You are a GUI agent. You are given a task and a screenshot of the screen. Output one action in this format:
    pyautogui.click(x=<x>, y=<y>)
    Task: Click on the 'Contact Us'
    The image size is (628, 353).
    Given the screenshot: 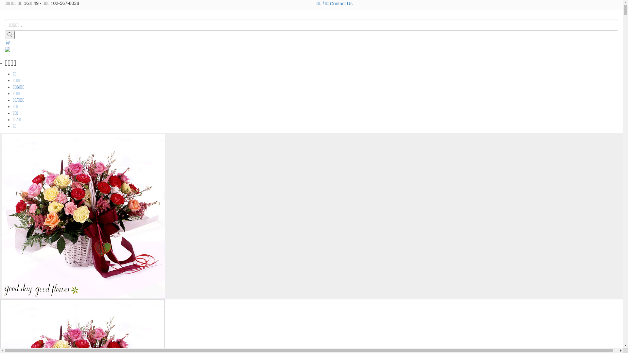 What is the action you would take?
    pyautogui.click(x=341, y=4)
    